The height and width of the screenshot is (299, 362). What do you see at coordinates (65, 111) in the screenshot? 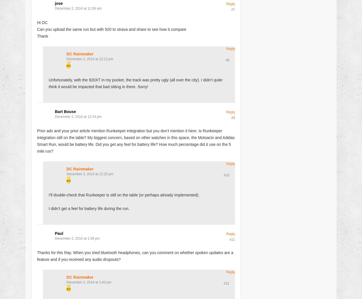
I see `'Bart Bouse'` at bounding box center [65, 111].